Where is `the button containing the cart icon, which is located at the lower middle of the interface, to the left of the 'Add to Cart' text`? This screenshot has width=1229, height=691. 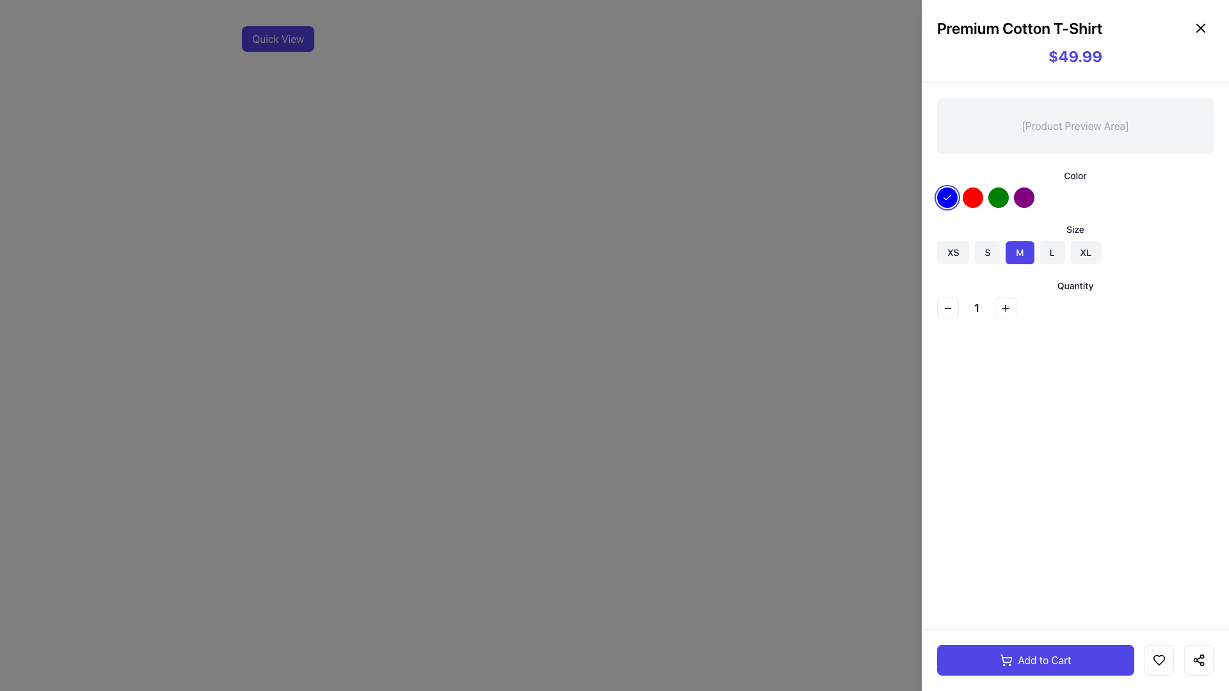
the button containing the cart icon, which is located at the lower middle of the interface, to the left of the 'Add to Cart' text is located at coordinates (1006, 660).